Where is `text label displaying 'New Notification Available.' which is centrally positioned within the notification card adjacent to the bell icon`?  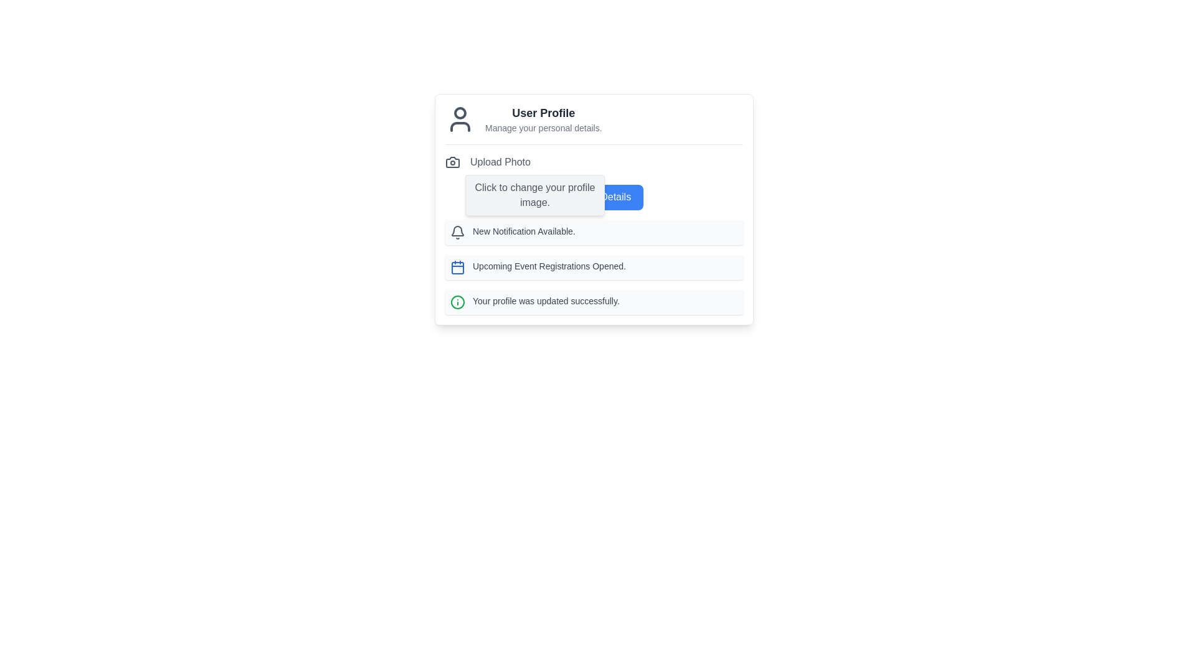
text label displaying 'New Notification Available.' which is centrally positioned within the notification card adjacent to the bell icon is located at coordinates (524, 232).